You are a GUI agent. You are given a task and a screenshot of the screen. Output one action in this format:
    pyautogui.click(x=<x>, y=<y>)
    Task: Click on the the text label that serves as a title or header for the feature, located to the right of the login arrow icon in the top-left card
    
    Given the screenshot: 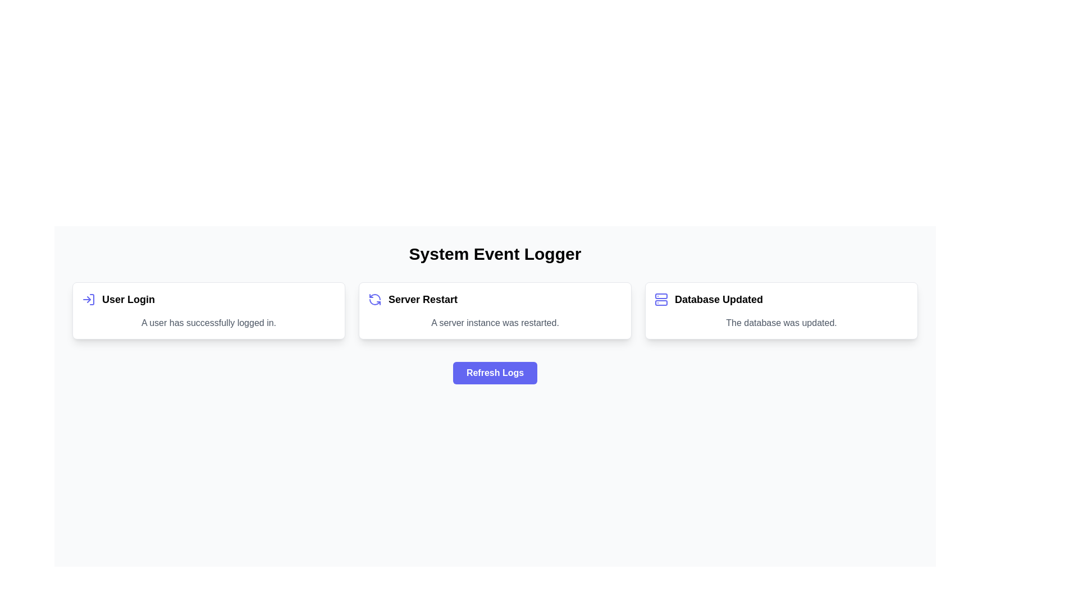 What is the action you would take?
    pyautogui.click(x=129, y=299)
    